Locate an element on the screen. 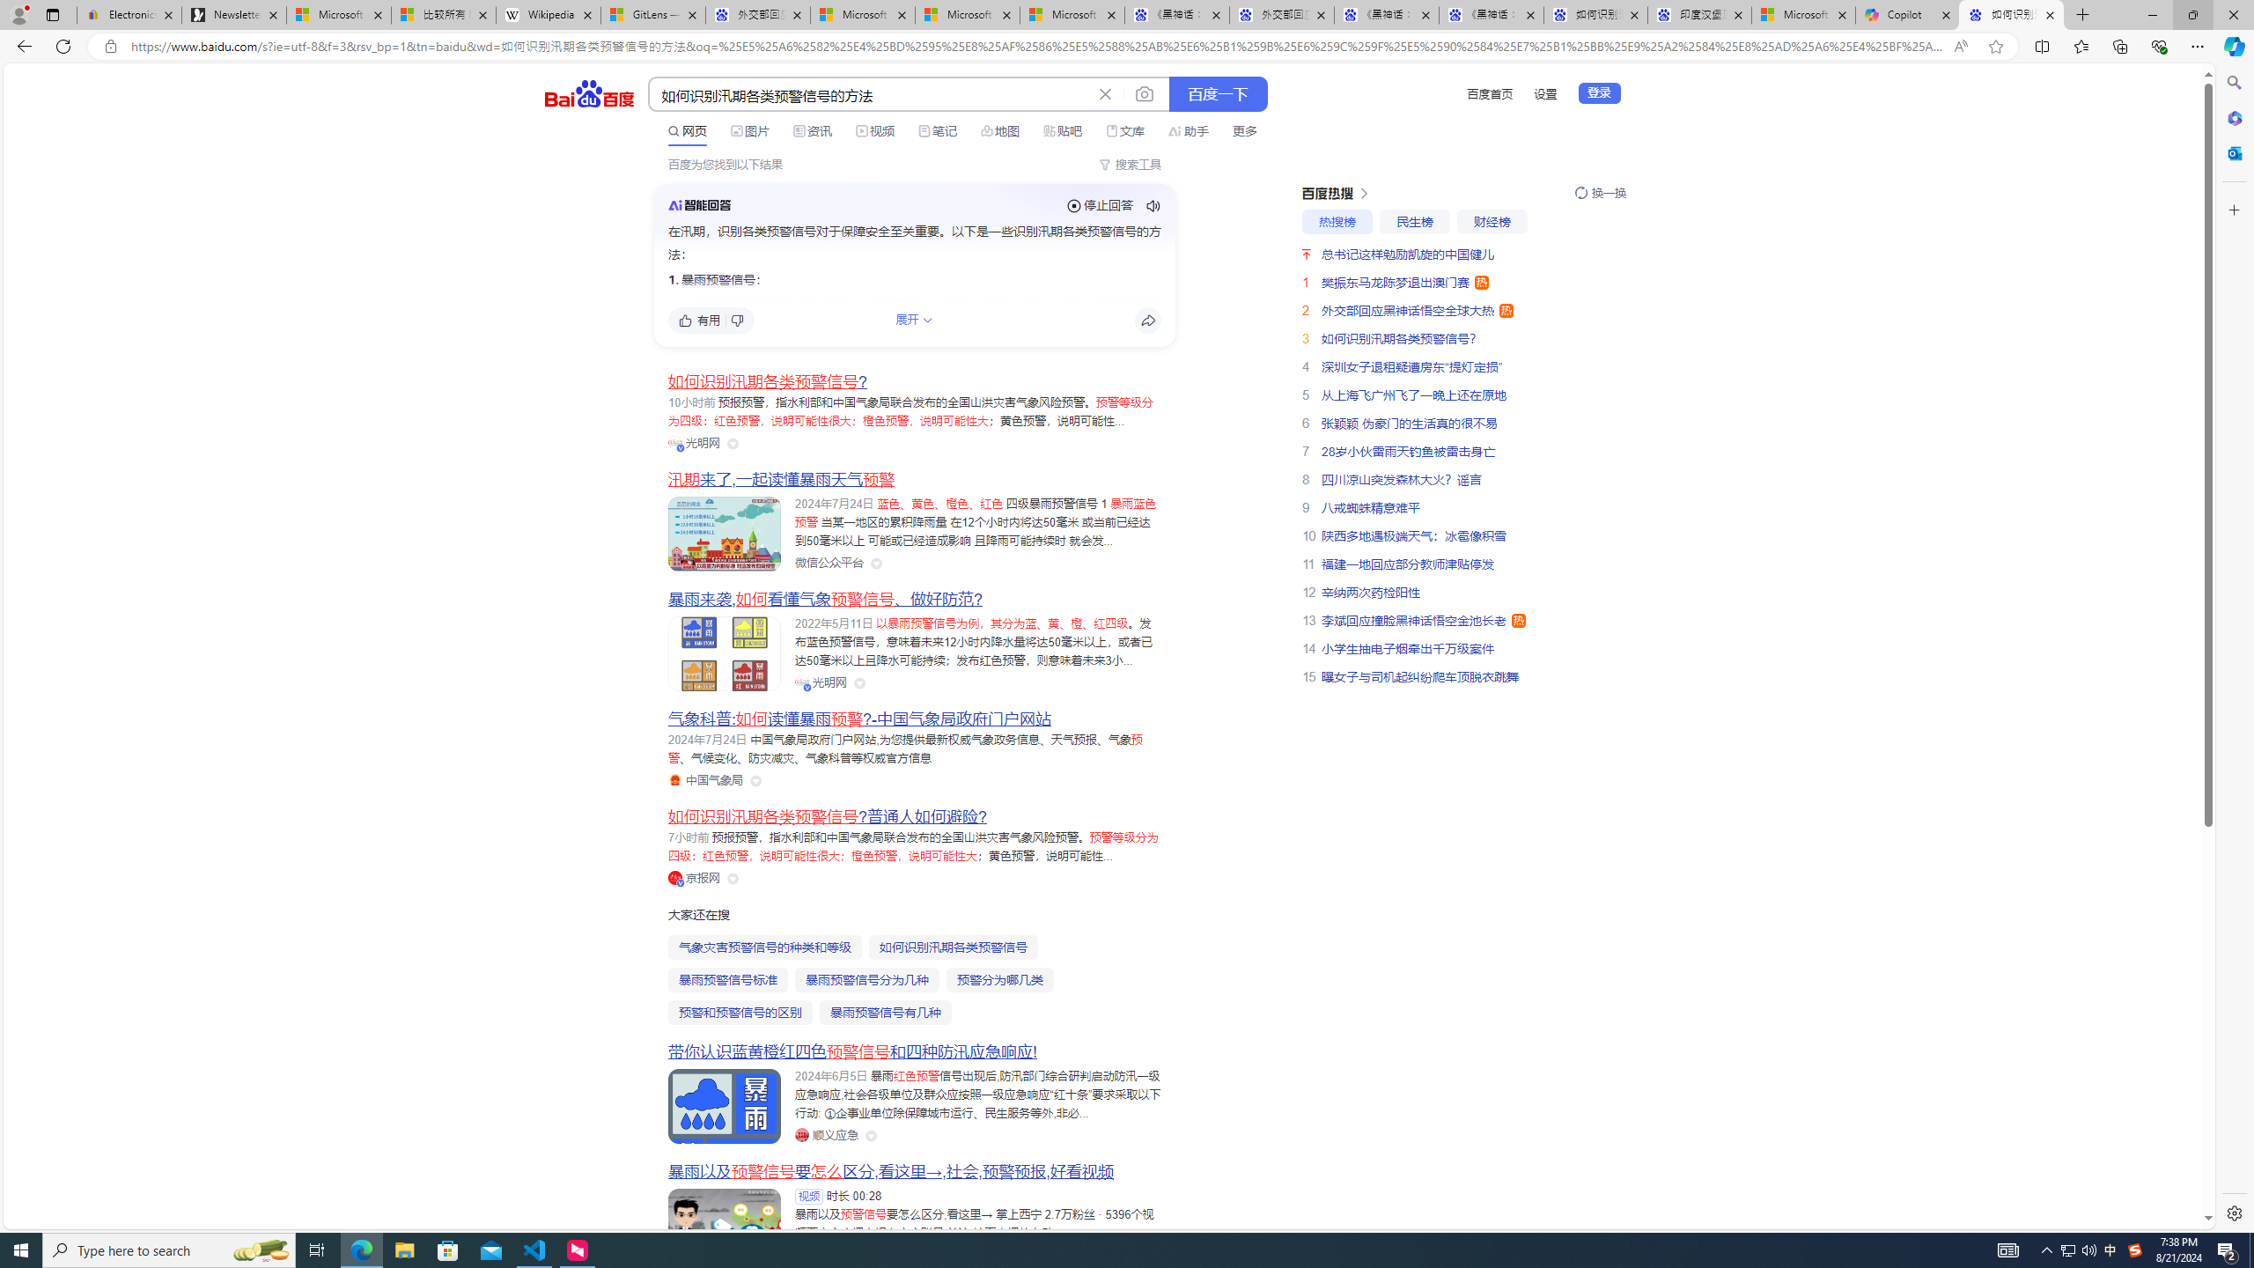 The width and height of the screenshot is (2254, 1268). 'Refresh' is located at coordinates (62, 45).